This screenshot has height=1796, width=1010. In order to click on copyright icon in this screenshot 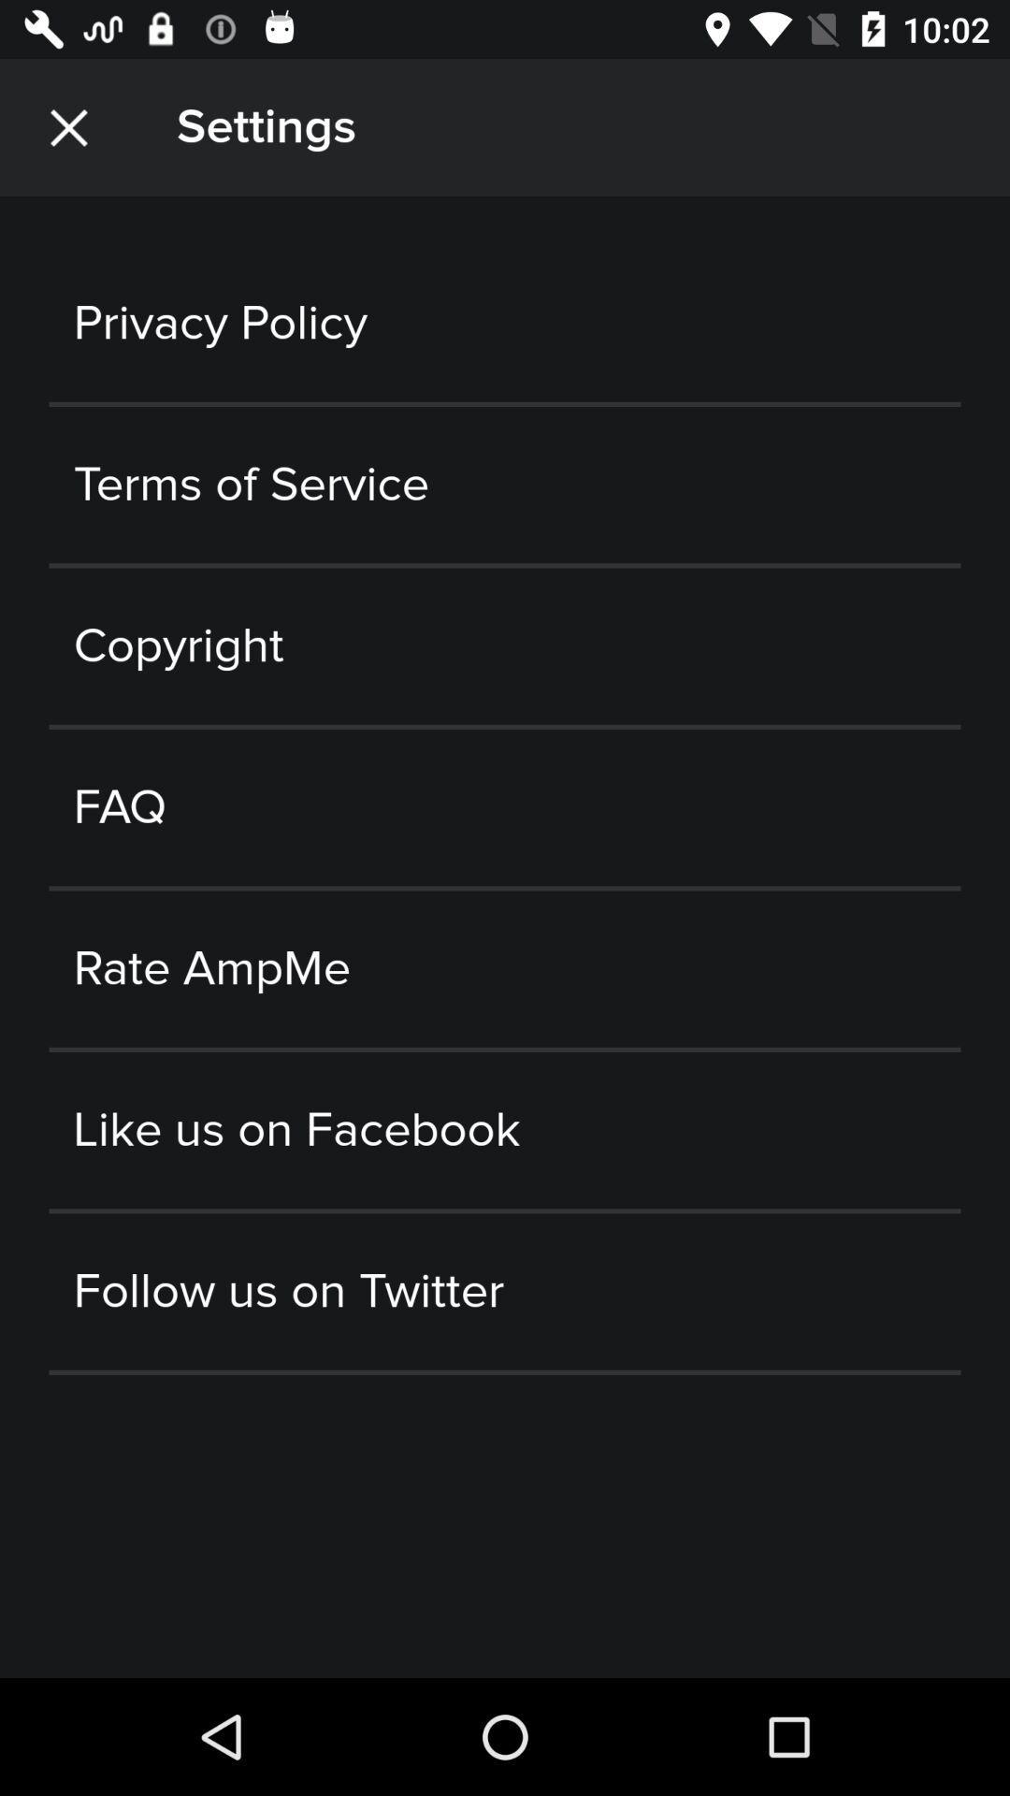, I will do `click(505, 646)`.